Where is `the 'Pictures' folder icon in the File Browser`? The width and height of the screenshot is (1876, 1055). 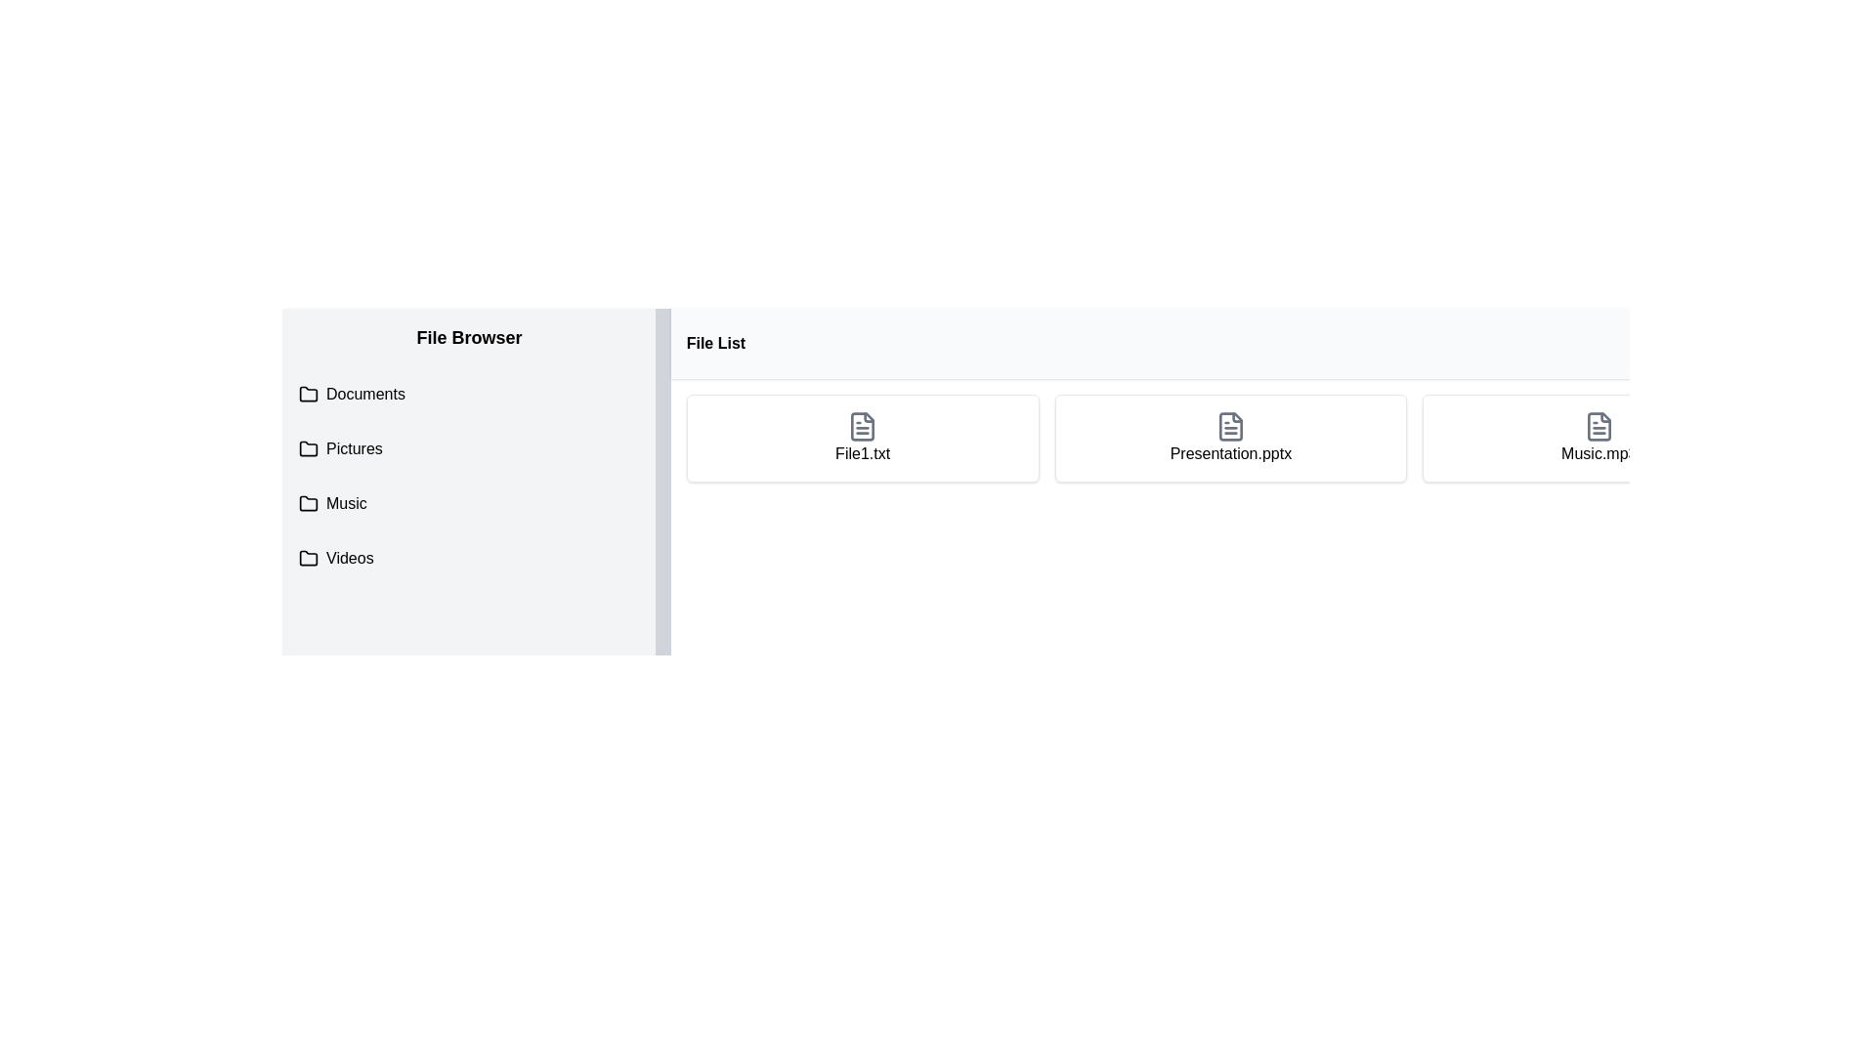
the 'Pictures' folder icon in the File Browser is located at coordinates (308, 448).